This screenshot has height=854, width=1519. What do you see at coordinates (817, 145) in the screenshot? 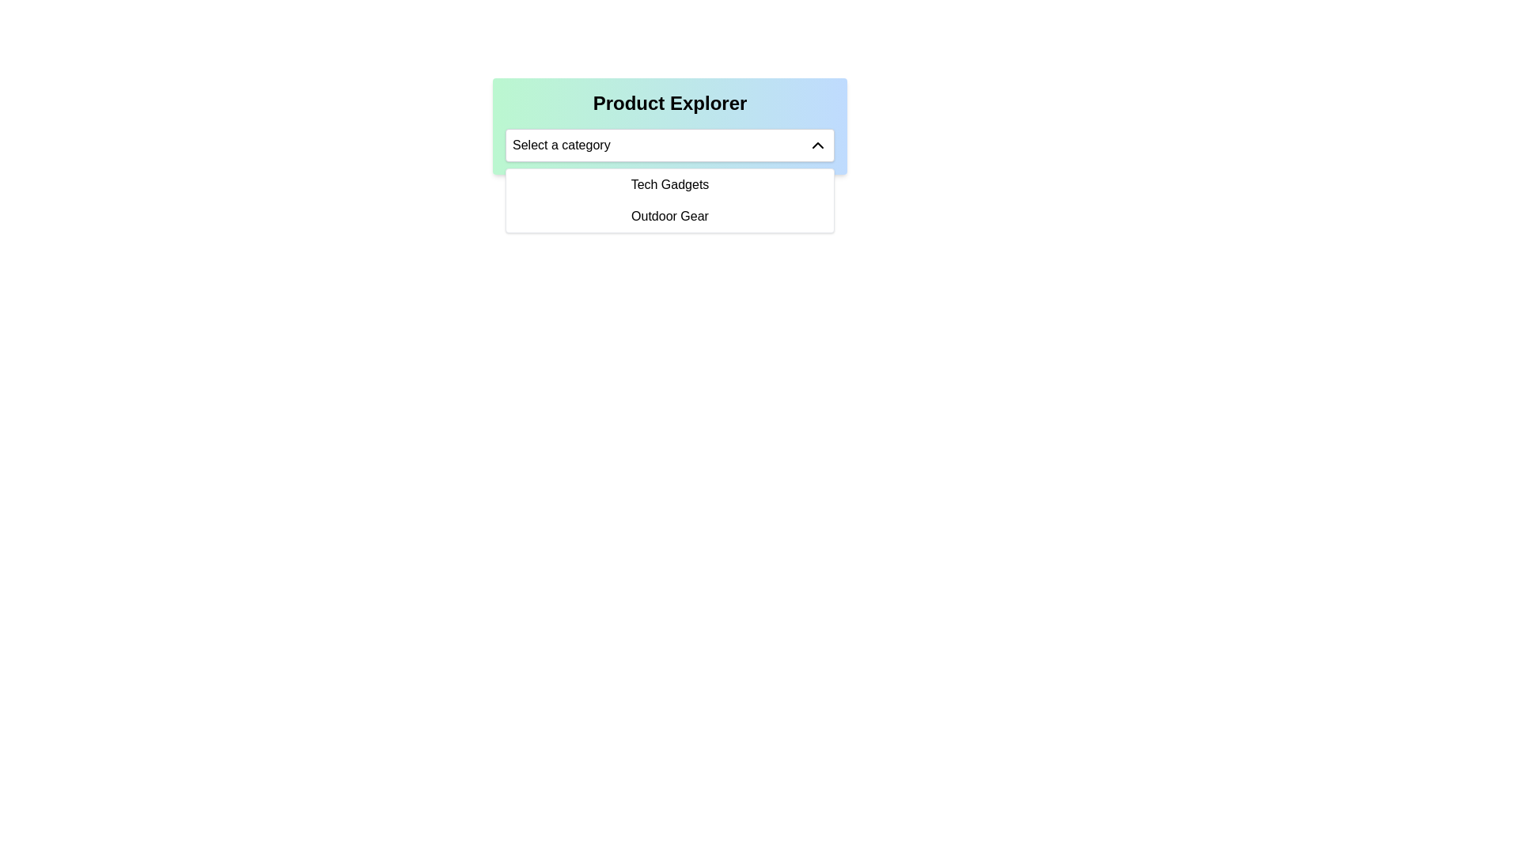
I see `the upward-pointing chevron icon used for expanding or collapsing the dropdown menu in the 'Select a category' interface` at bounding box center [817, 145].